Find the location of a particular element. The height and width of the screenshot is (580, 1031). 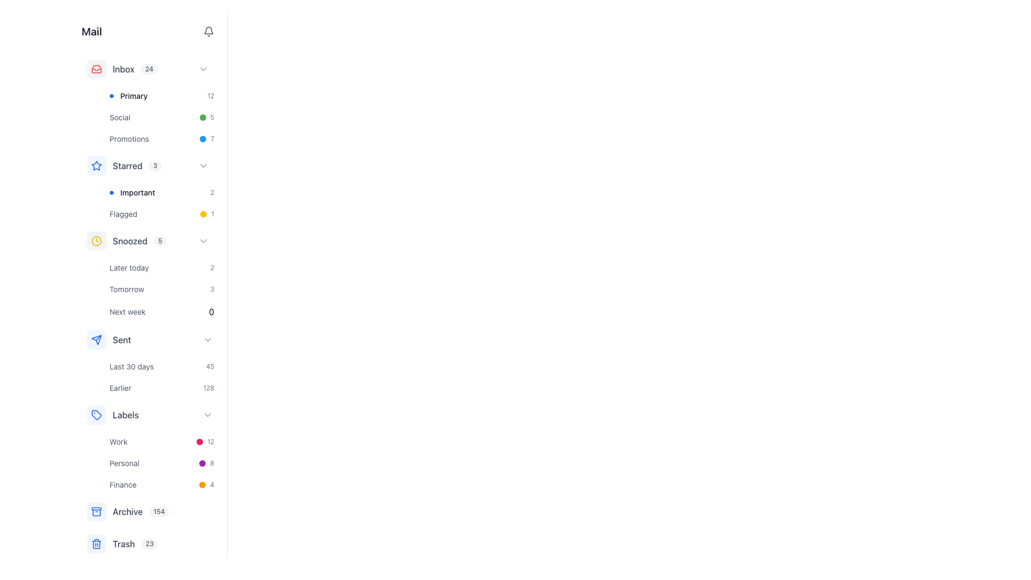

the 'Promotions' button, which is the last item in the 'Inbox' section is located at coordinates (161, 138).